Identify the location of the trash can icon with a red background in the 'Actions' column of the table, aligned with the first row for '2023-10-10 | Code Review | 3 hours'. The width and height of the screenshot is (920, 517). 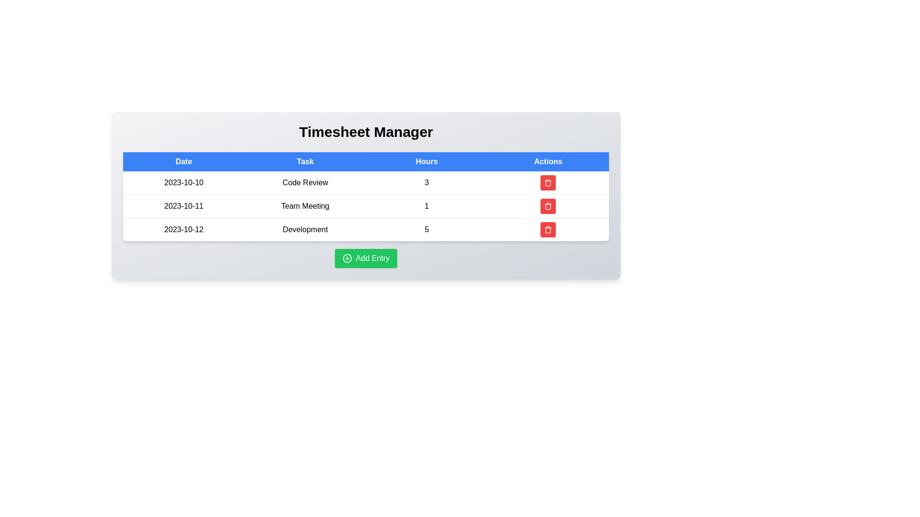
(548, 182).